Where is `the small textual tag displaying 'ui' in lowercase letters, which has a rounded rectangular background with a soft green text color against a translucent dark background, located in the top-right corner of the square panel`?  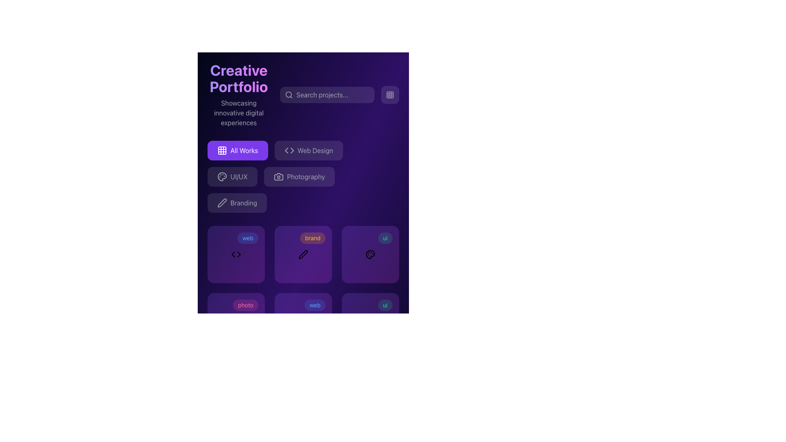 the small textual tag displaying 'ui' in lowercase letters, which has a rounded rectangular background with a soft green text color against a translucent dark background, located in the top-right corner of the square panel is located at coordinates (385, 238).